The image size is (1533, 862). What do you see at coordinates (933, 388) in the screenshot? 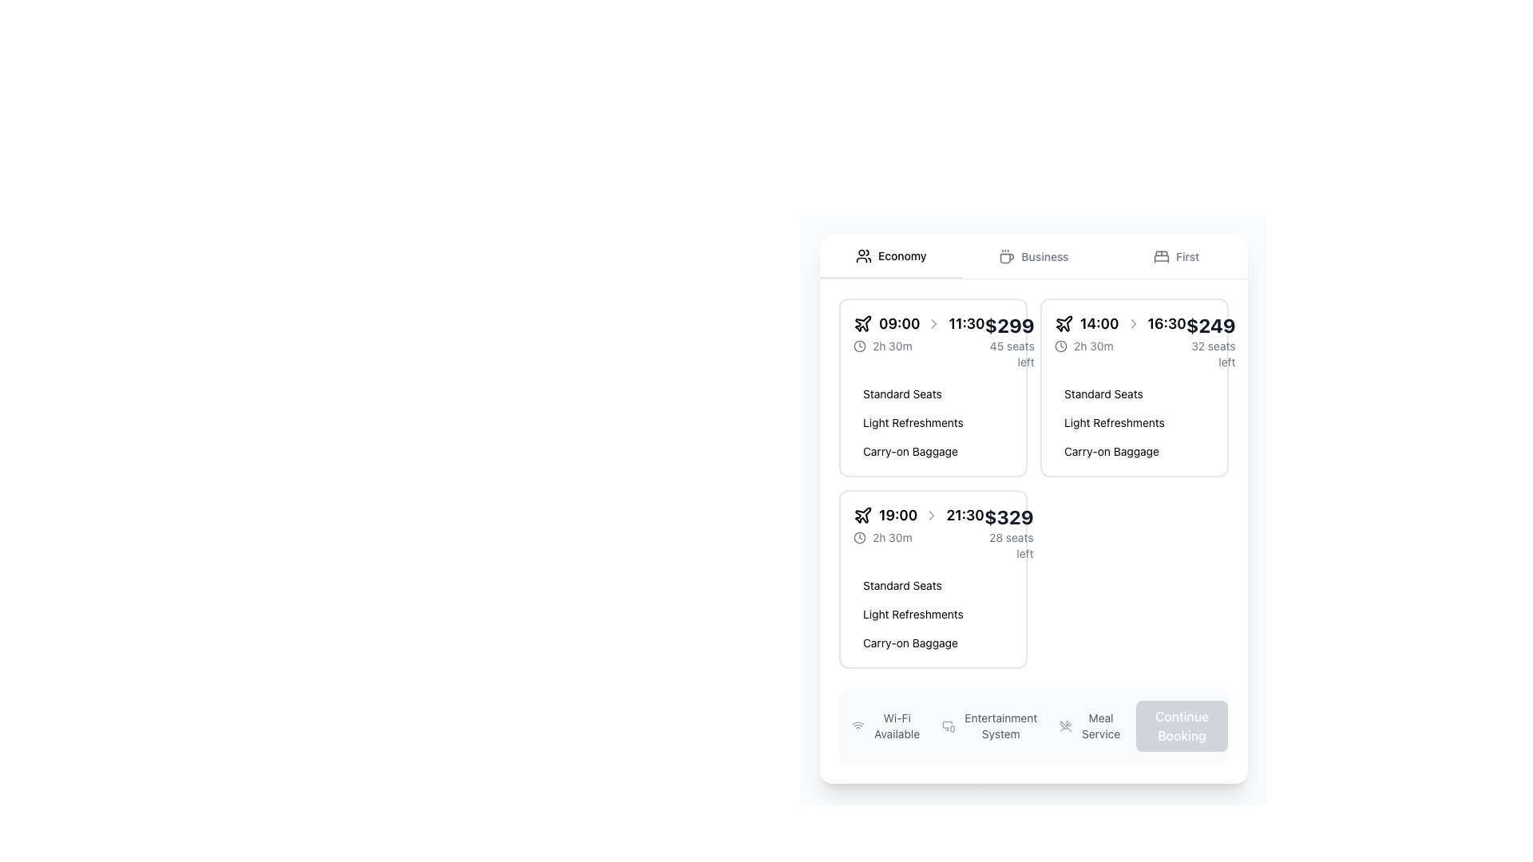
I see `the first Informational card in the 'Economy' tab` at bounding box center [933, 388].